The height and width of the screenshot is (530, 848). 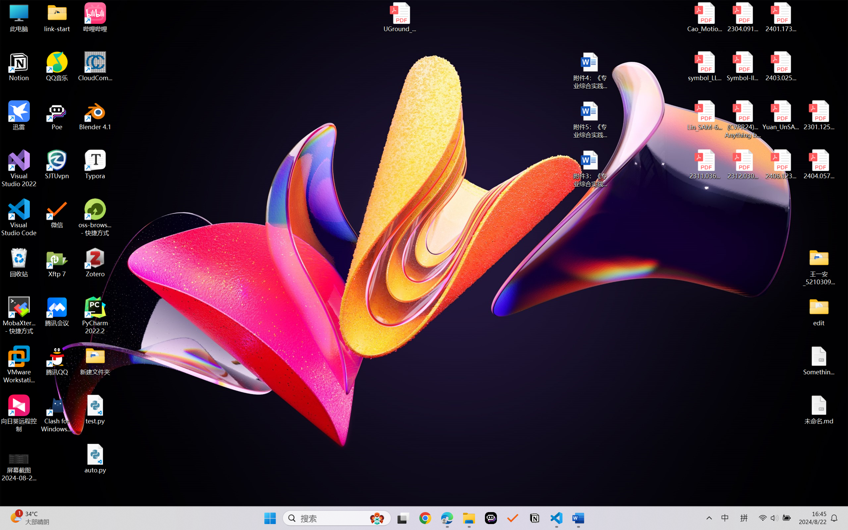 What do you see at coordinates (818, 164) in the screenshot?
I see `'2404.05719v1.pdf'` at bounding box center [818, 164].